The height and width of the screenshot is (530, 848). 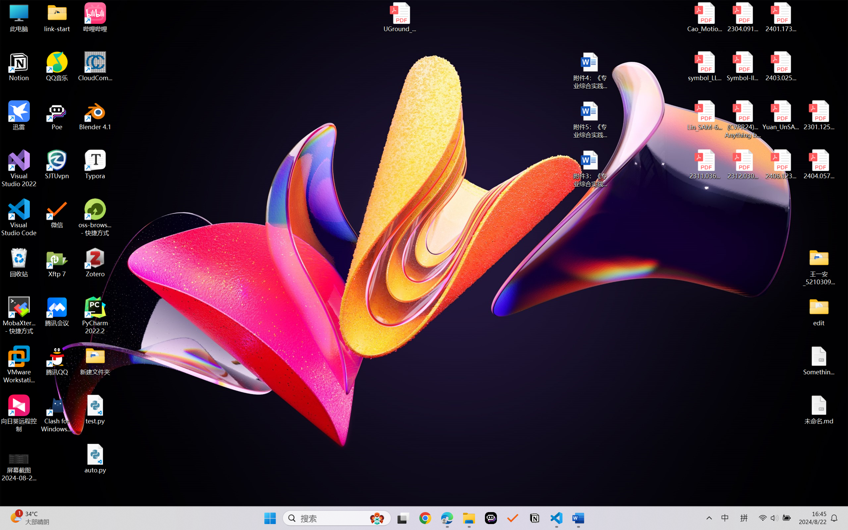 What do you see at coordinates (818, 164) in the screenshot?
I see `'2404.05719v1.pdf'` at bounding box center [818, 164].